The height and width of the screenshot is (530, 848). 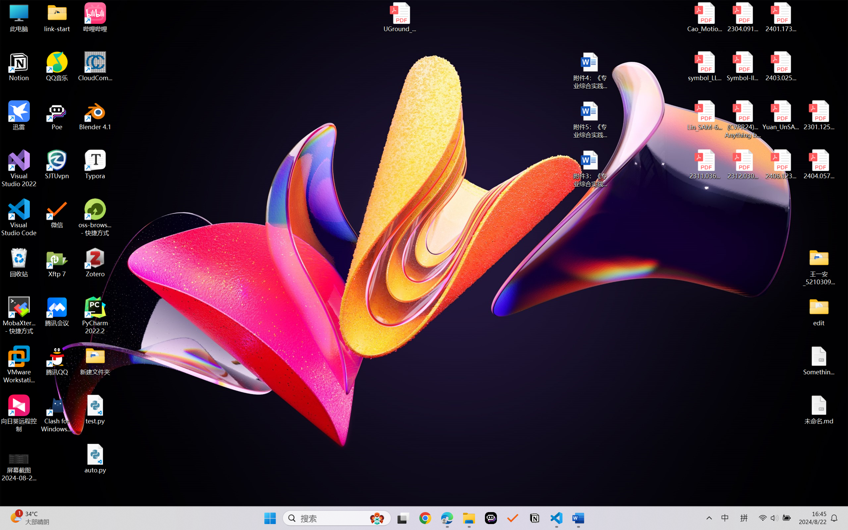 What do you see at coordinates (818, 164) in the screenshot?
I see `'2404.05719v1.pdf'` at bounding box center [818, 164].